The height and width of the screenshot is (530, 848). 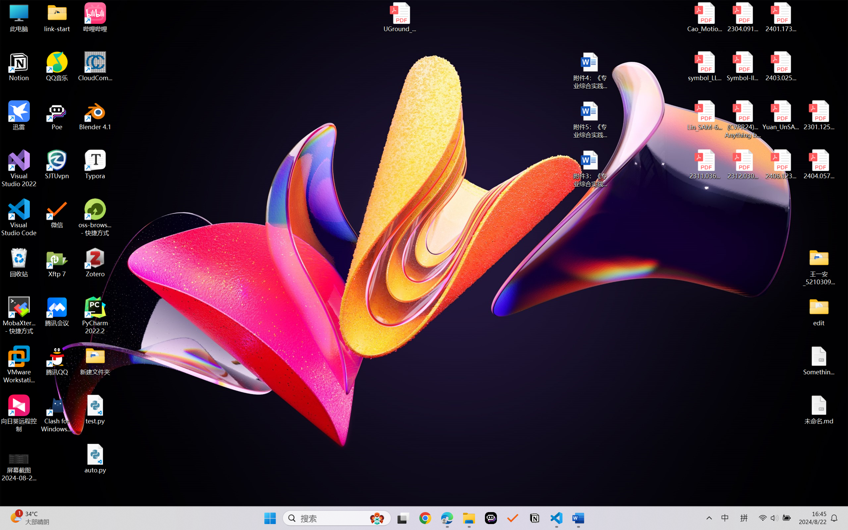 What do you see at coordinates (818, 164) in the screenshot?
I see `'2404.05719v1.pdf'` at bounding box center [818, 164].